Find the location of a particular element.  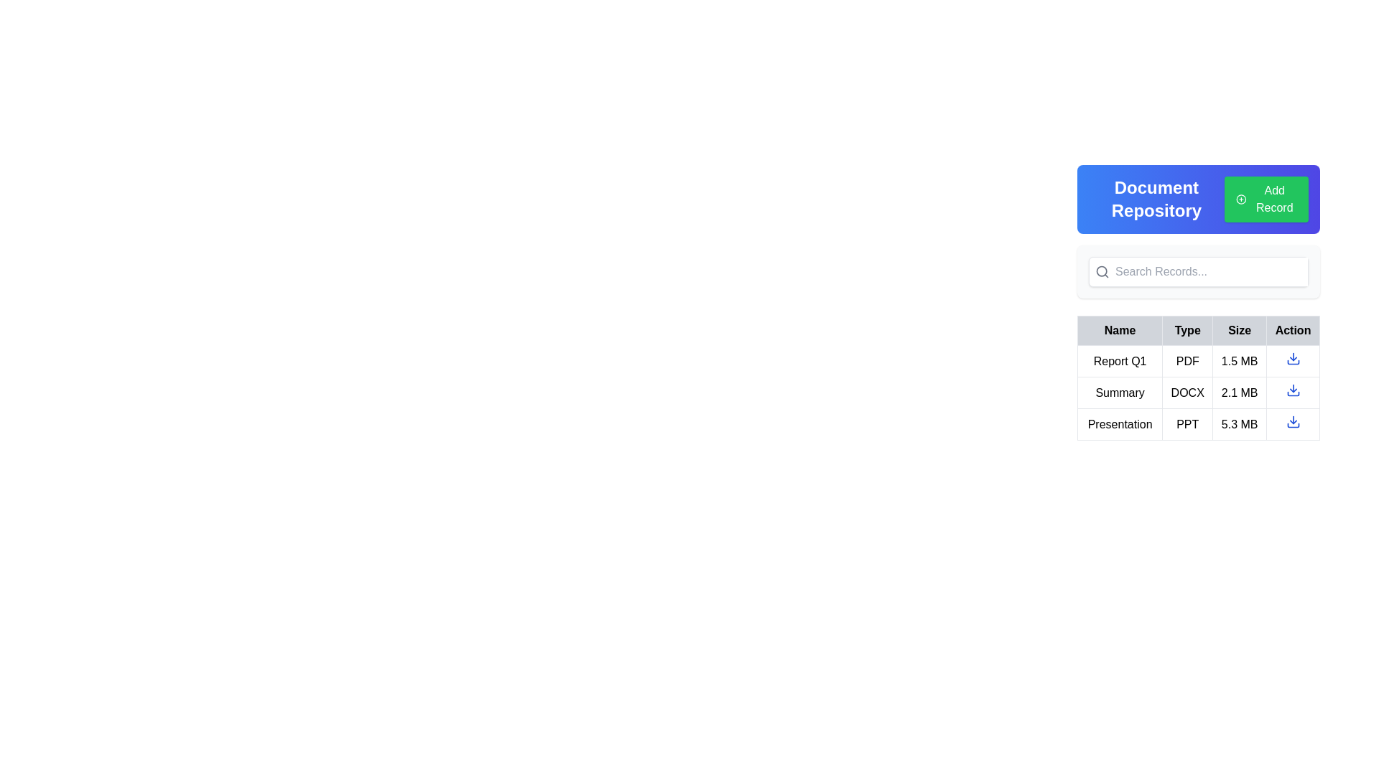

the blue download icon button representing the download action located is located at coordinates (1293, 360).